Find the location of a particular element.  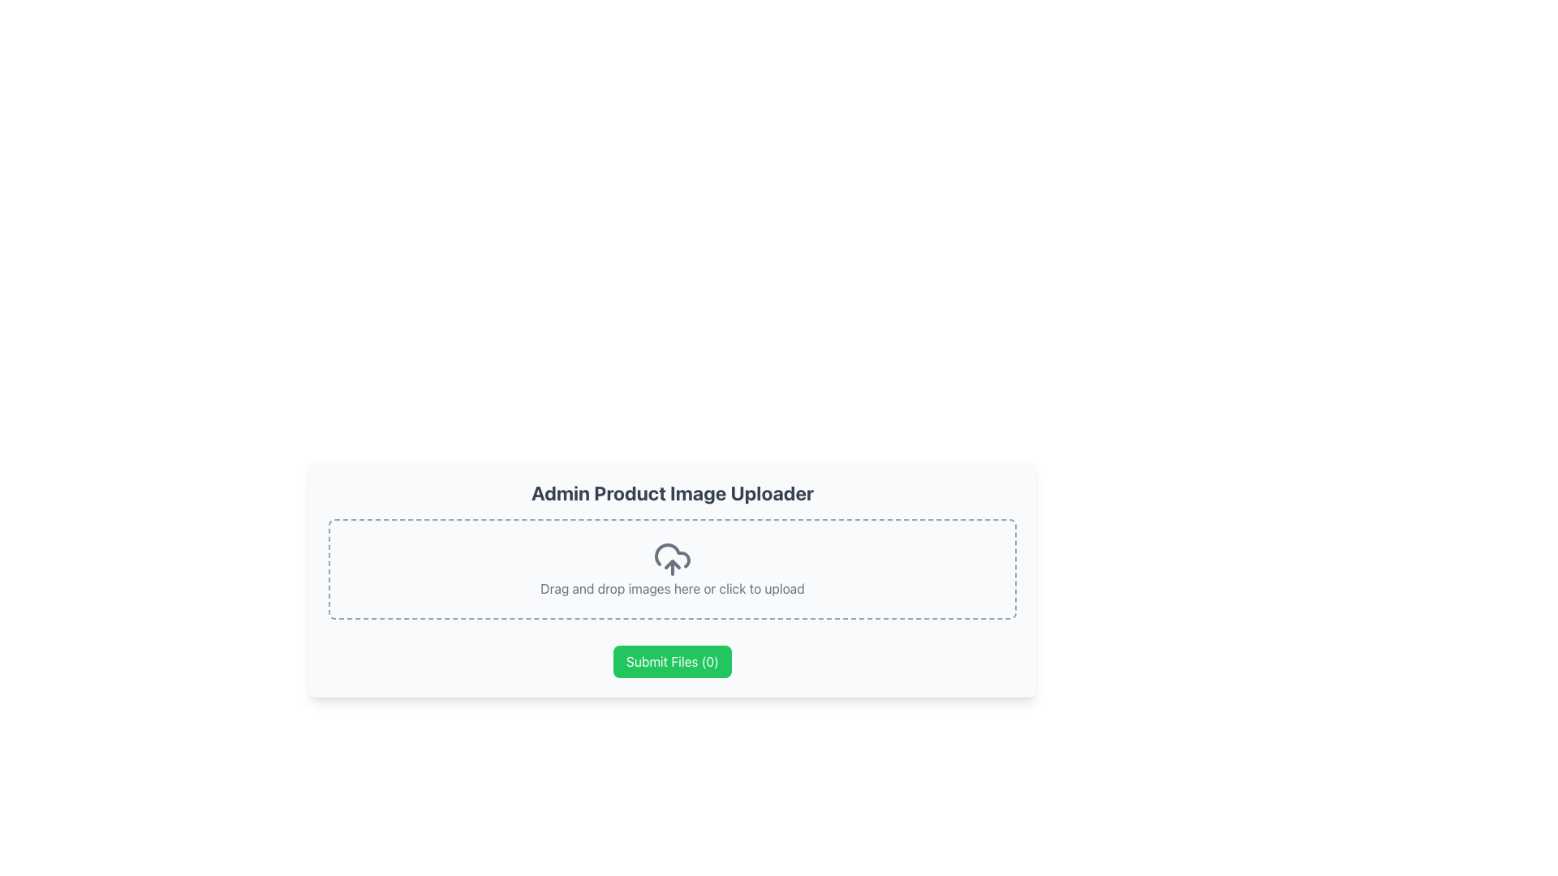

the header text element that reads 'Admin Product Image Uploader', which is styled in bold and large font, colored in dark gray, and positioned at the upper part of the content card is located at coordinates (673, 492).